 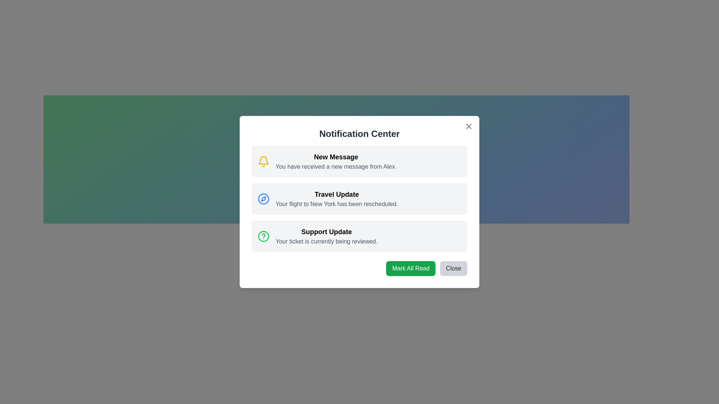 I want to click on the SVG circle indicating the 'Support Update' notification in the Notification Center, so click(x=264, y=236).